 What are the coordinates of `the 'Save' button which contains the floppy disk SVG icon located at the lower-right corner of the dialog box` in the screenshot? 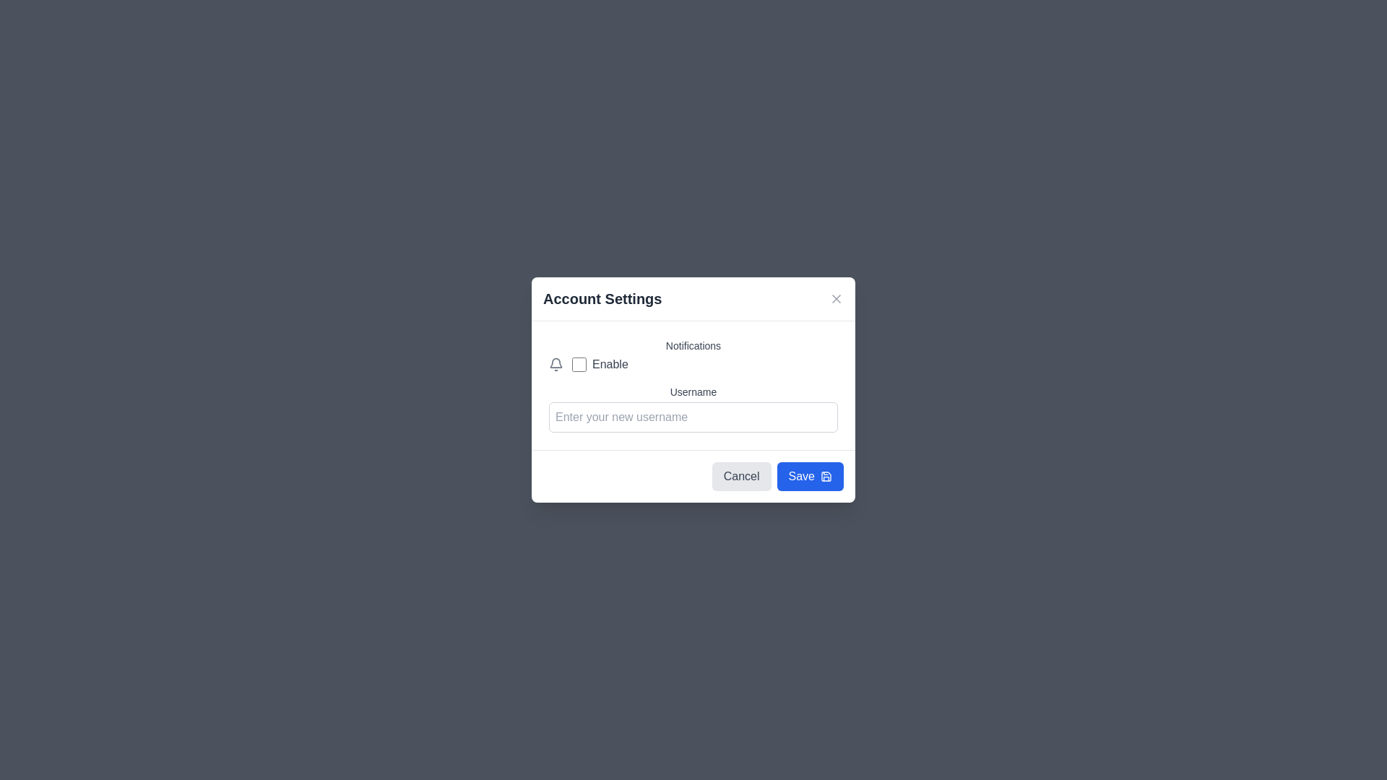 It's located at (826, 476).